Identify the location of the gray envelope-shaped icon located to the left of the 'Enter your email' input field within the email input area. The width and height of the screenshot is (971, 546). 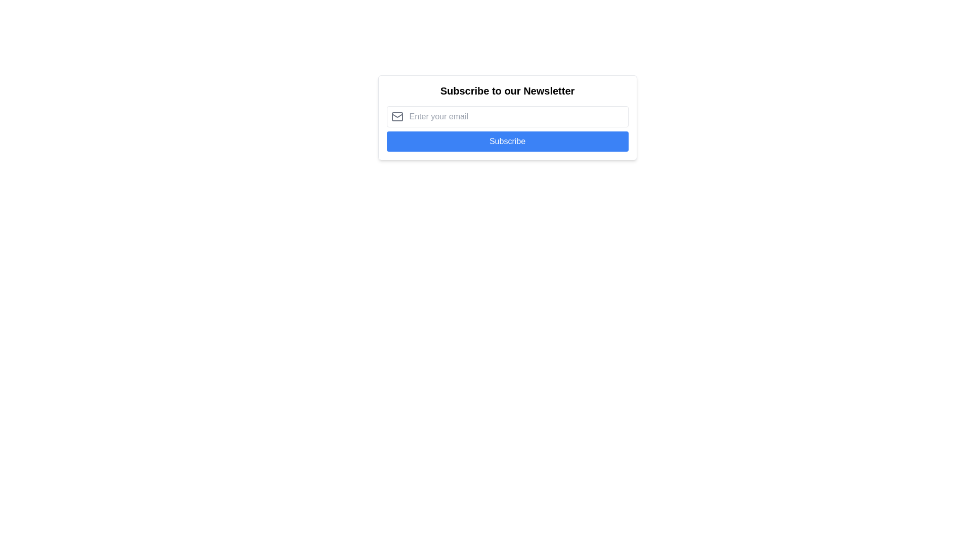
(396, 116).